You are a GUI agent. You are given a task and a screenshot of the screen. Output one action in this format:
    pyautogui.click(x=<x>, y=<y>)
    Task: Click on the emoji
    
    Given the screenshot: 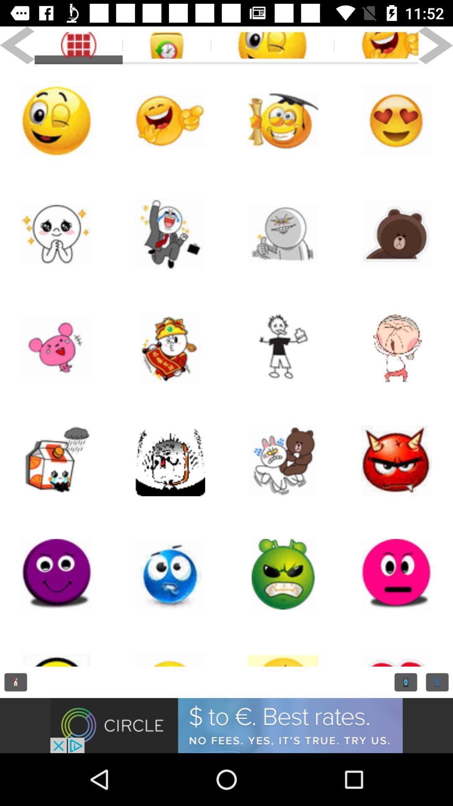 What is the action you would take?
    pyautogui.click(x=283, y=234)
    